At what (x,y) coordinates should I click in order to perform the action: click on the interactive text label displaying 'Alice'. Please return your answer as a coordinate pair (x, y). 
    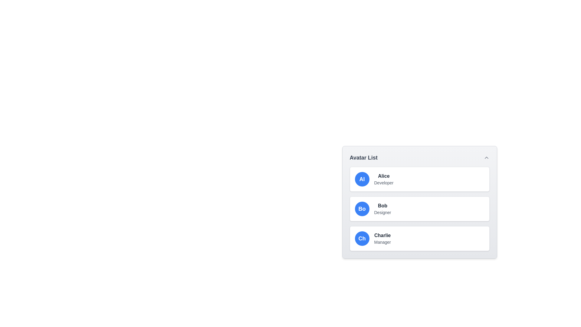
    Looking at the image, I should click on (383, 176).